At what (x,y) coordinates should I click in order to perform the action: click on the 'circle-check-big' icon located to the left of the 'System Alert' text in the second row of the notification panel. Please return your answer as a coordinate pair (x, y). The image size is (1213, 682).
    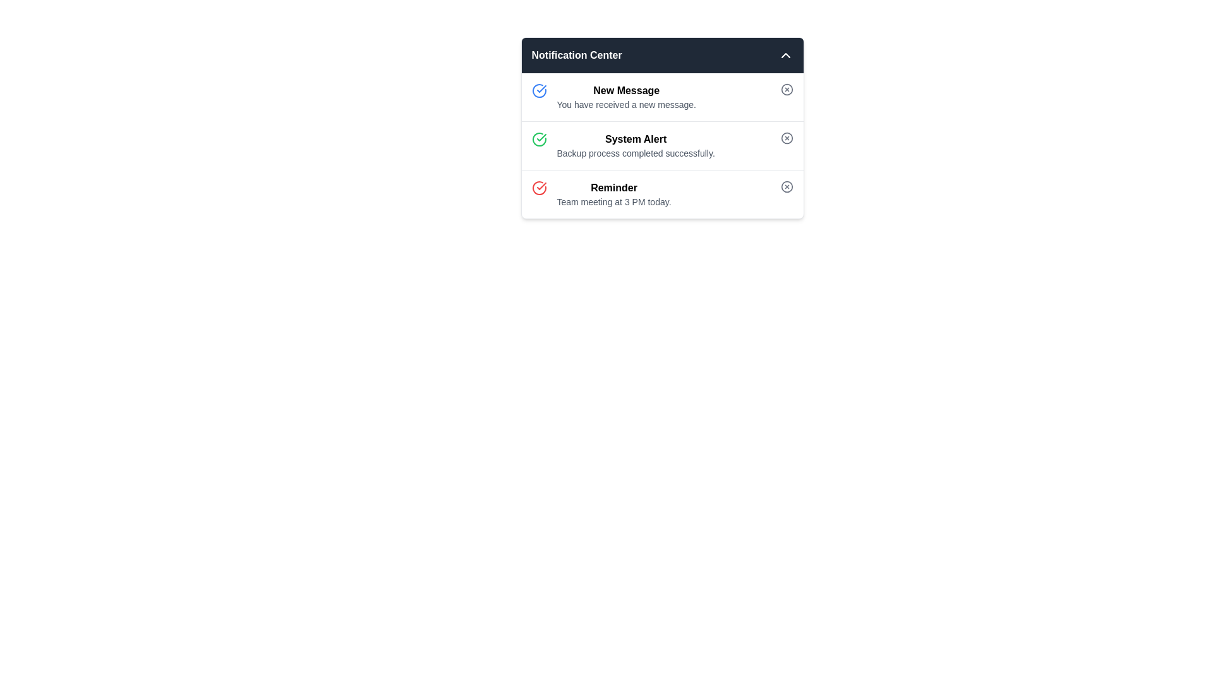
    Looking at the image, I should click on (539, 90).